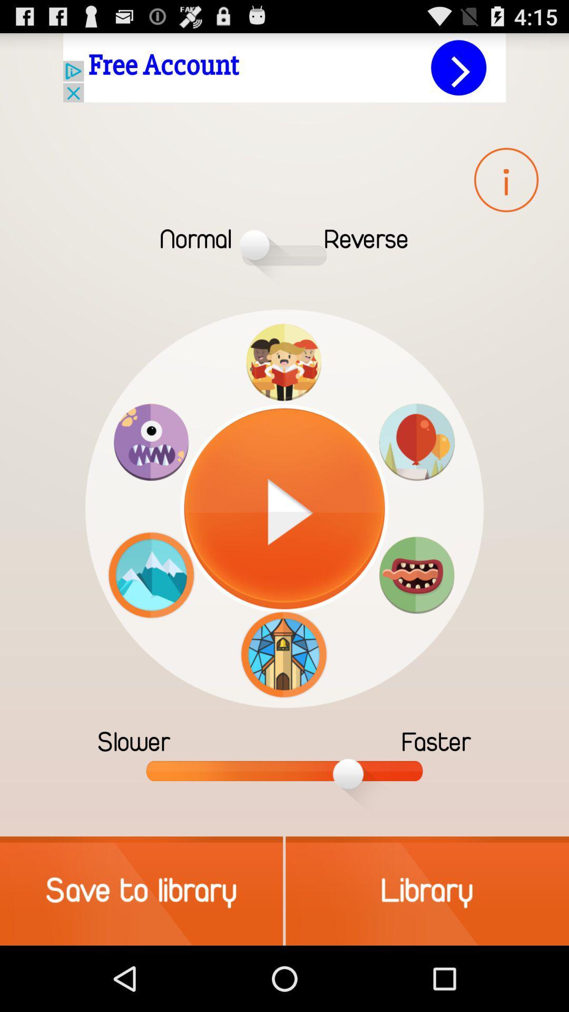 The width and height of the screenshot is (569, 1012). Describe the element at coordinates (506, 192) in the screenshot. I see `the info icon` at that location.